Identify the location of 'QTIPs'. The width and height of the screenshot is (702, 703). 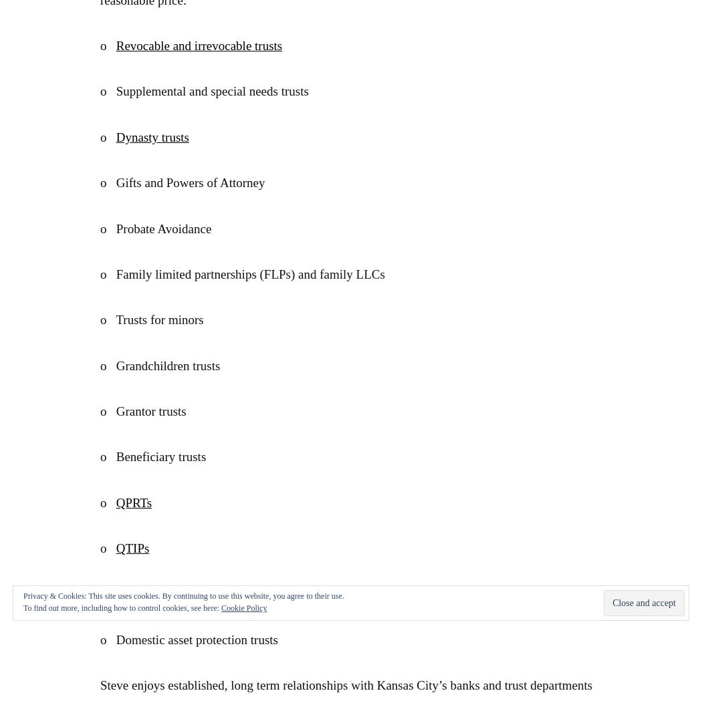
(132, 548).